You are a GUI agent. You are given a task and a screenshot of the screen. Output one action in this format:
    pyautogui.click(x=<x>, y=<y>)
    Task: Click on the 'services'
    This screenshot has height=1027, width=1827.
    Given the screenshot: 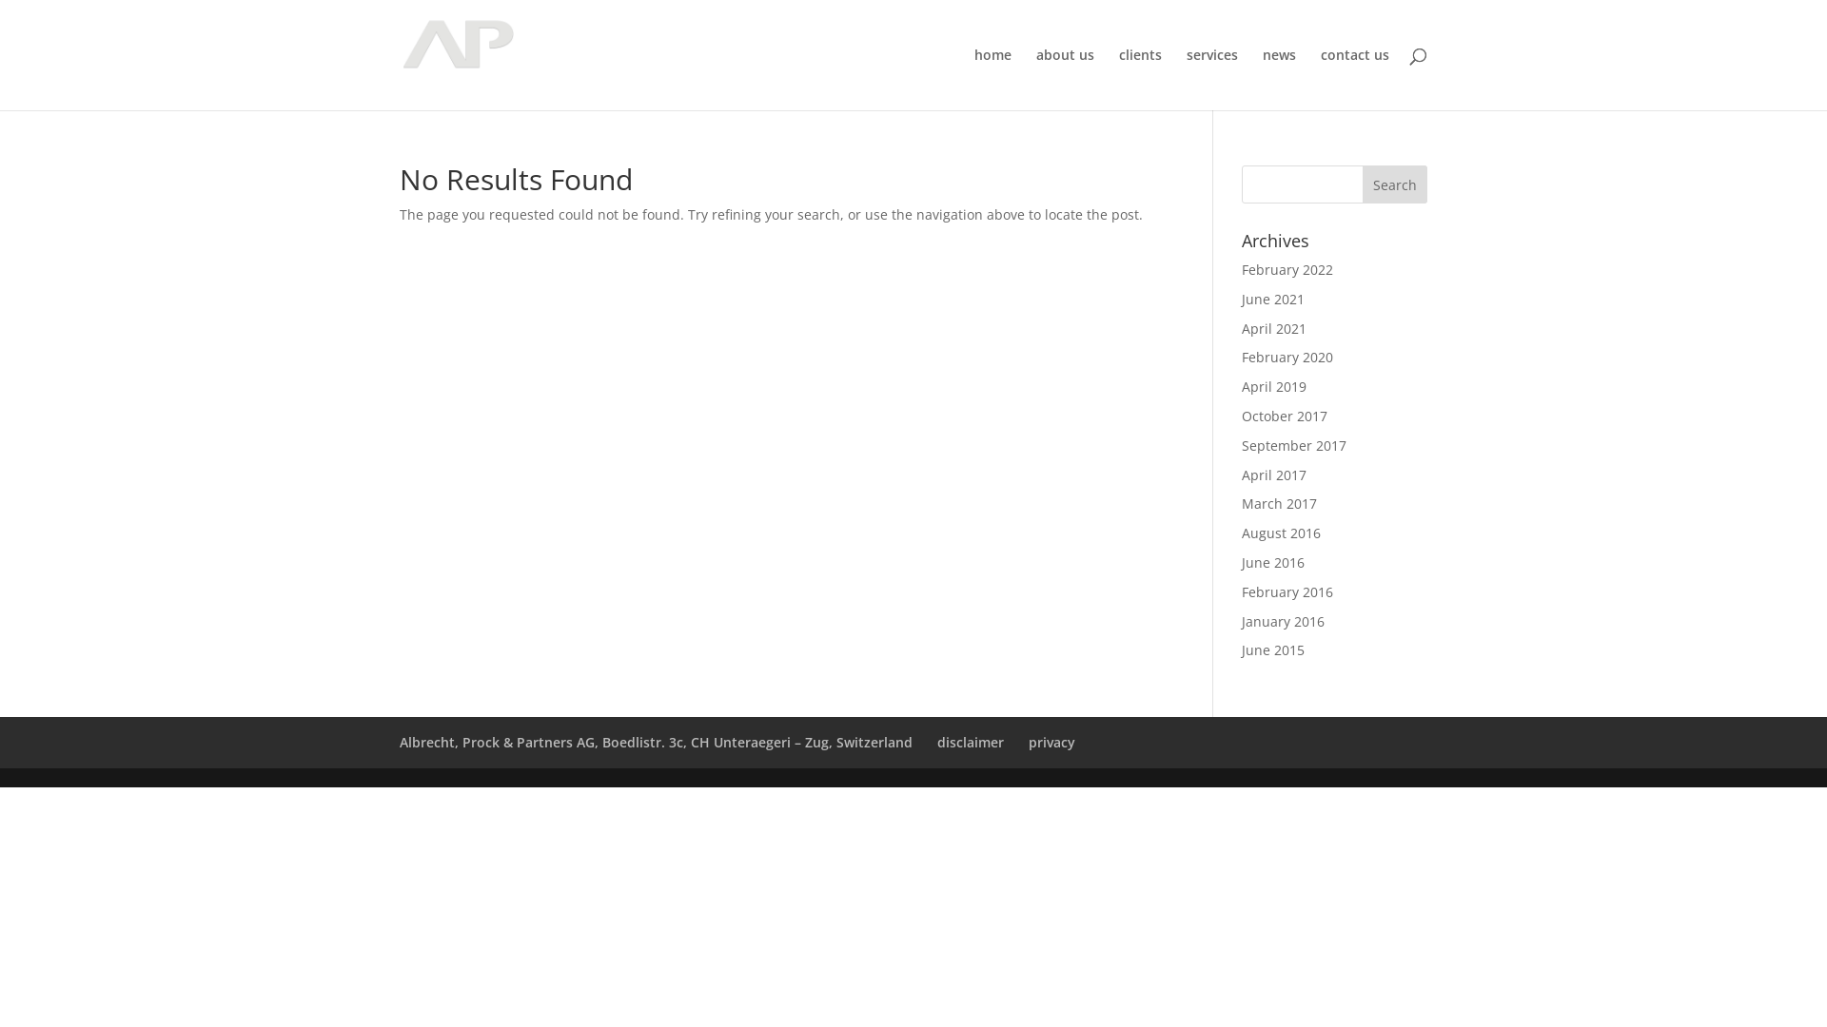 What is the action you would take?
    pyautogui.click(x=1210, y=78)
    